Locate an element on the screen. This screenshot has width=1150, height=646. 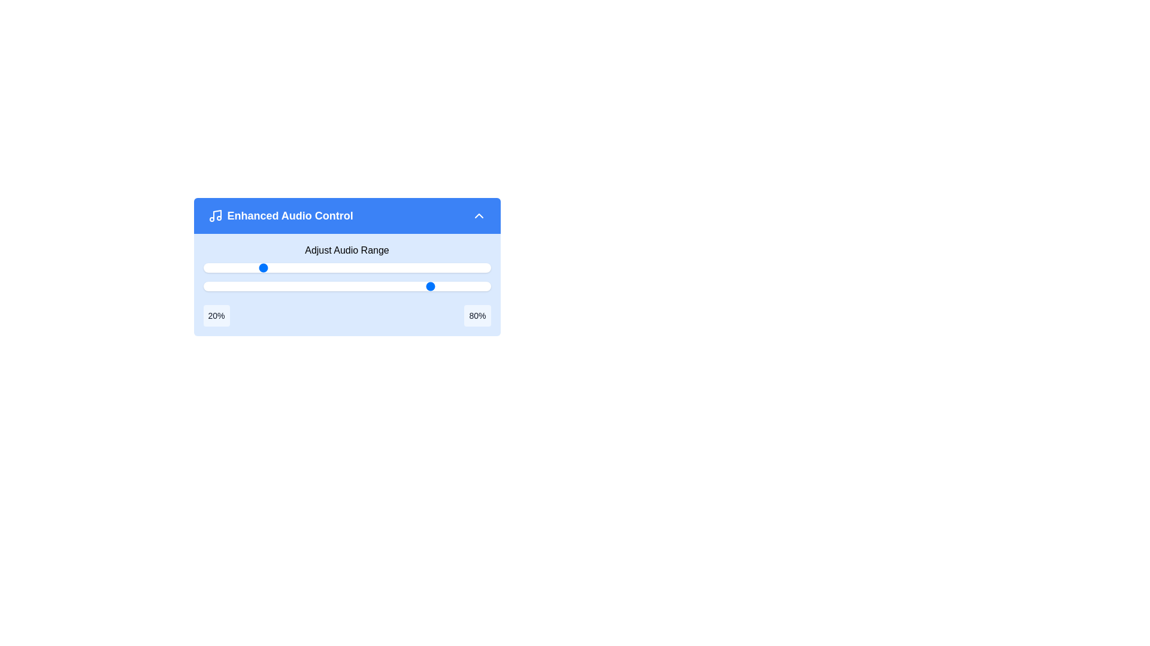
the slider value is located at coordinates (335, 267).